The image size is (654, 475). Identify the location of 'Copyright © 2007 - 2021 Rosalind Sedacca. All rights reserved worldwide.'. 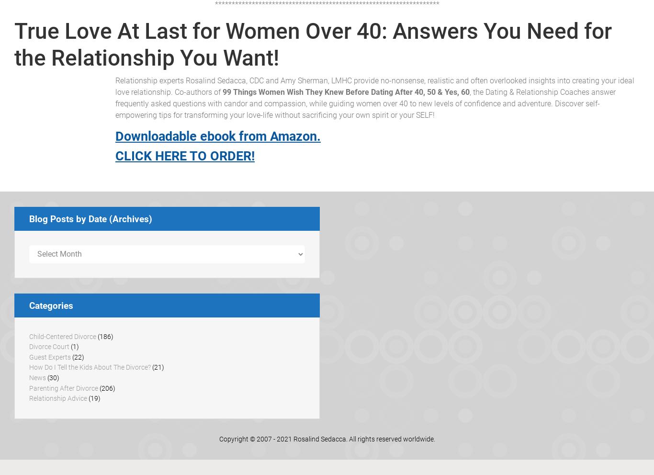
(326, 438).